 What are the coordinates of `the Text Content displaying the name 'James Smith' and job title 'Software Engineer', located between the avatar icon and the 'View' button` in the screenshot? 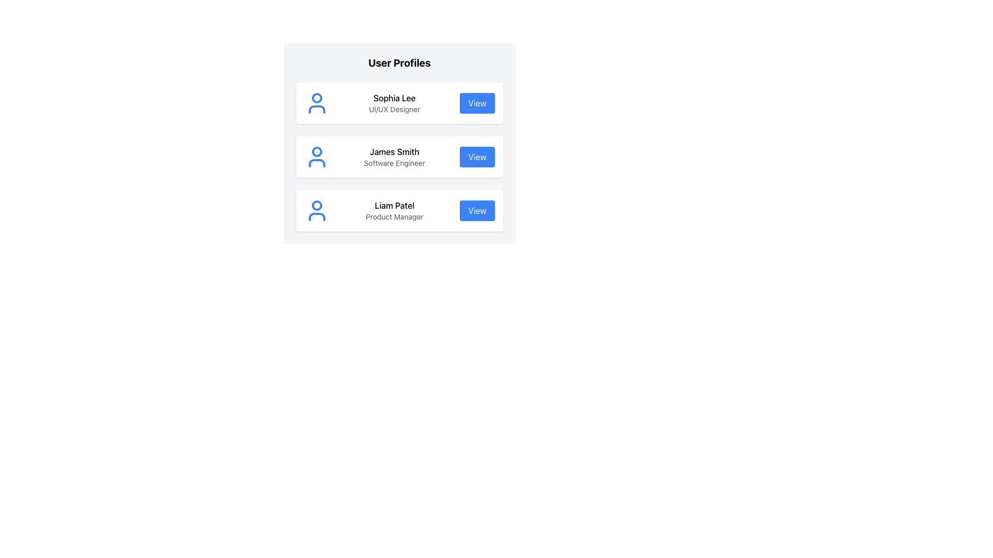 It's located at (394, 157).